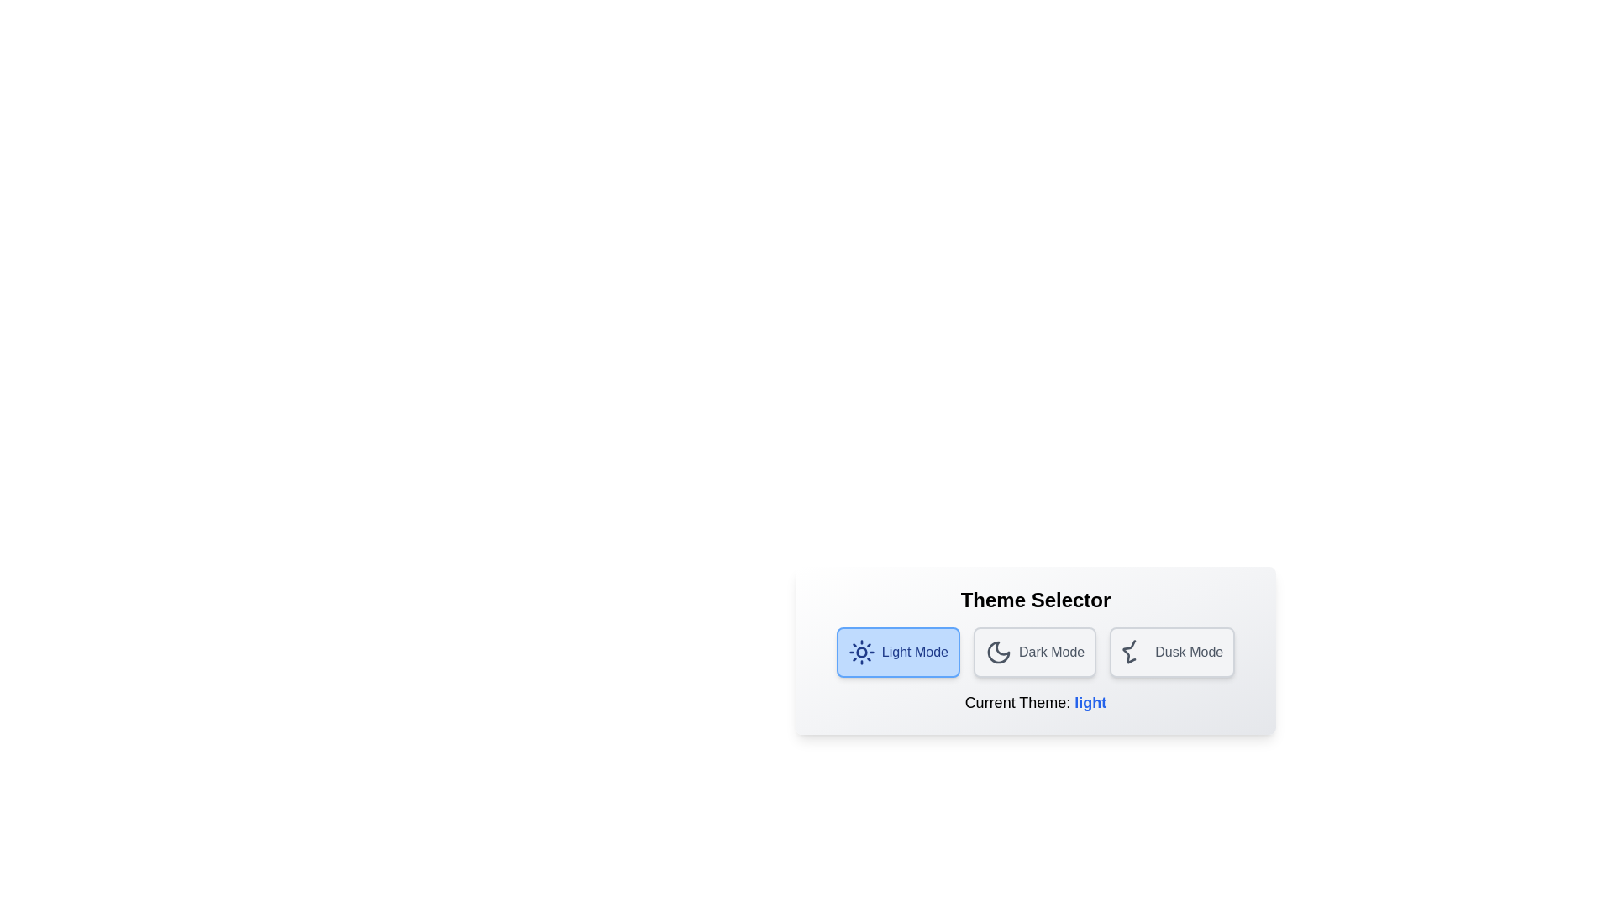 The width and height of the screenshot is (1613, 907). What do you see at coordinates (1171, 651) in the screenshot?
I see `'Dusk Mode' button to select the Dusk theme` at bounding box center [1171, 651].